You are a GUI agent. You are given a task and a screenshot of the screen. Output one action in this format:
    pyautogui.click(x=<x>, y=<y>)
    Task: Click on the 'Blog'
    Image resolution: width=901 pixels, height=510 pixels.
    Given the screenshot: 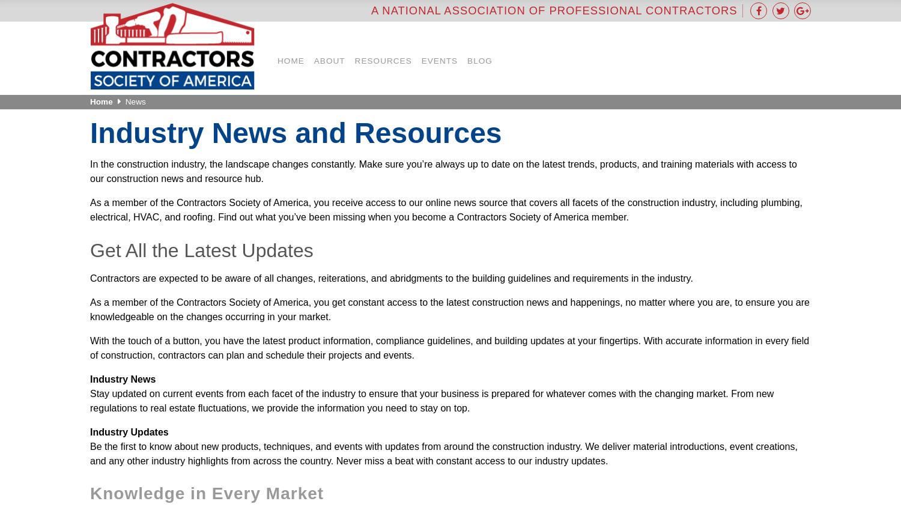 What is the action you would take?
    pyautogui.click(x=479, y=59)
    